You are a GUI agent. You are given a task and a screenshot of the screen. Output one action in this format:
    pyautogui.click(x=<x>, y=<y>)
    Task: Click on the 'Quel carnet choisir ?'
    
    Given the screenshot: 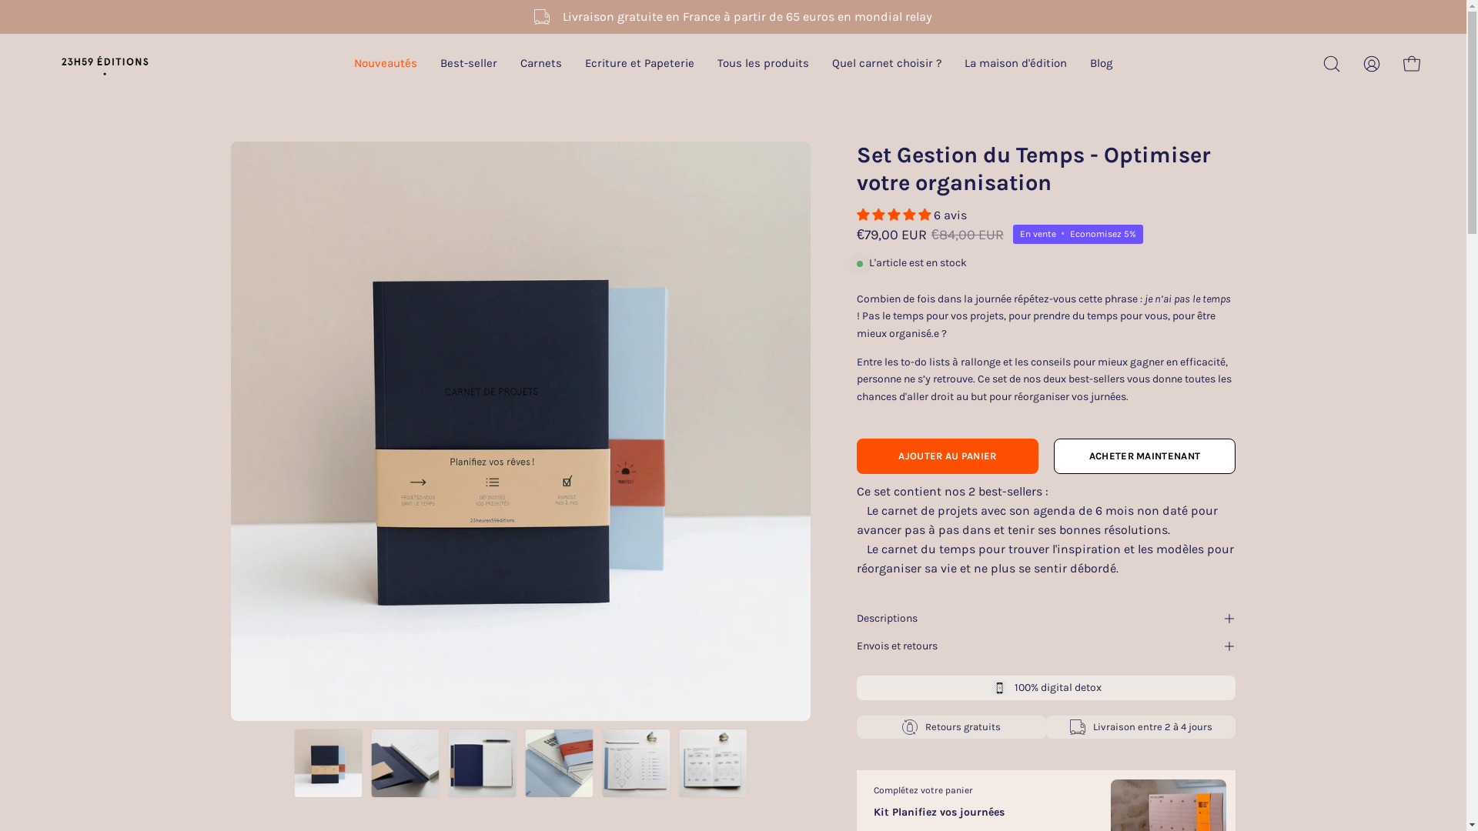 What is the action you would take?
    pyautogui.click(x=887, y=63)
    